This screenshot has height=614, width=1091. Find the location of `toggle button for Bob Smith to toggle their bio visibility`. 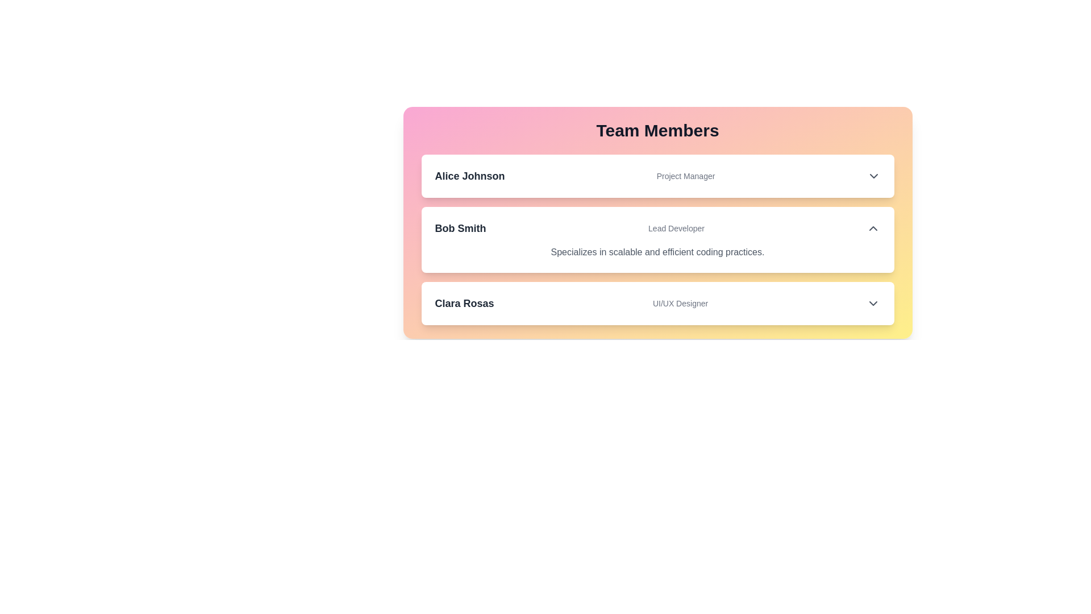

toggle button for Bob Smith to toggle their bio visibility is located at coordinates (873, 228).